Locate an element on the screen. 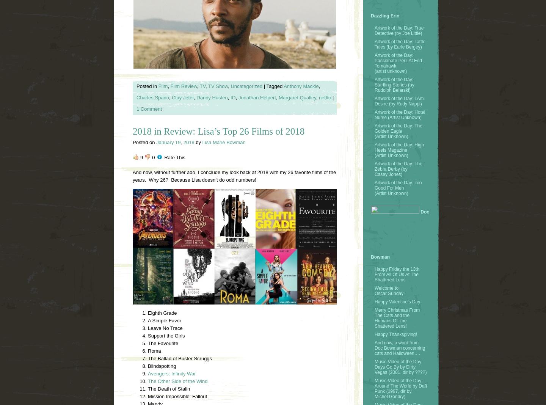 Image resolution: width=546 pixels, height=405 pixels. 'Anthony Mackie' is located at coordinates (283, 86).